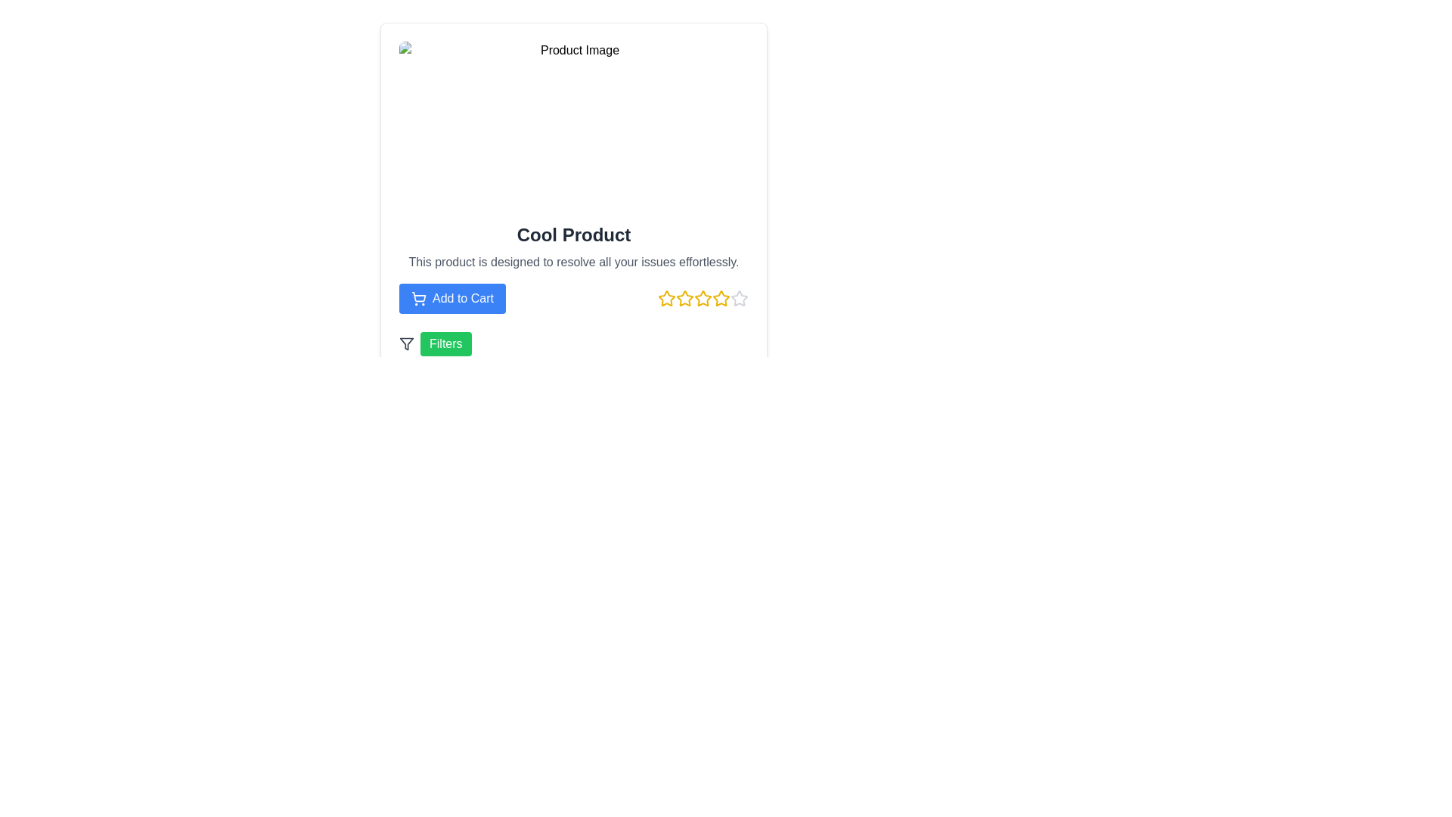 The image size is (1452, 817). Describe the element at coordinates (740, 298) in the screenshot. I see `the fifth star icon in the rating system` at that location.